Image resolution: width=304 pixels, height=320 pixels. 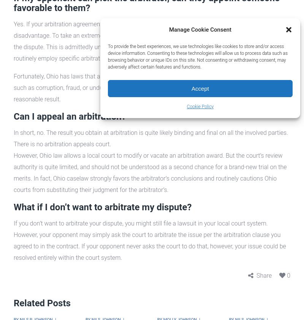 I want to click on 'However, Ohio law allows a local court to modify or vacate an arbitration award. But the court’s review authority is quite limited, and should not be understood as a second chance for a brand-new trial on the merits. In fact, Ohio caselaw strongly favors the arbitrator’s conclusions and routinely cautions Ohio courts from substituting their judgment for the arbitrator’s.', so click(x=150, y=173).